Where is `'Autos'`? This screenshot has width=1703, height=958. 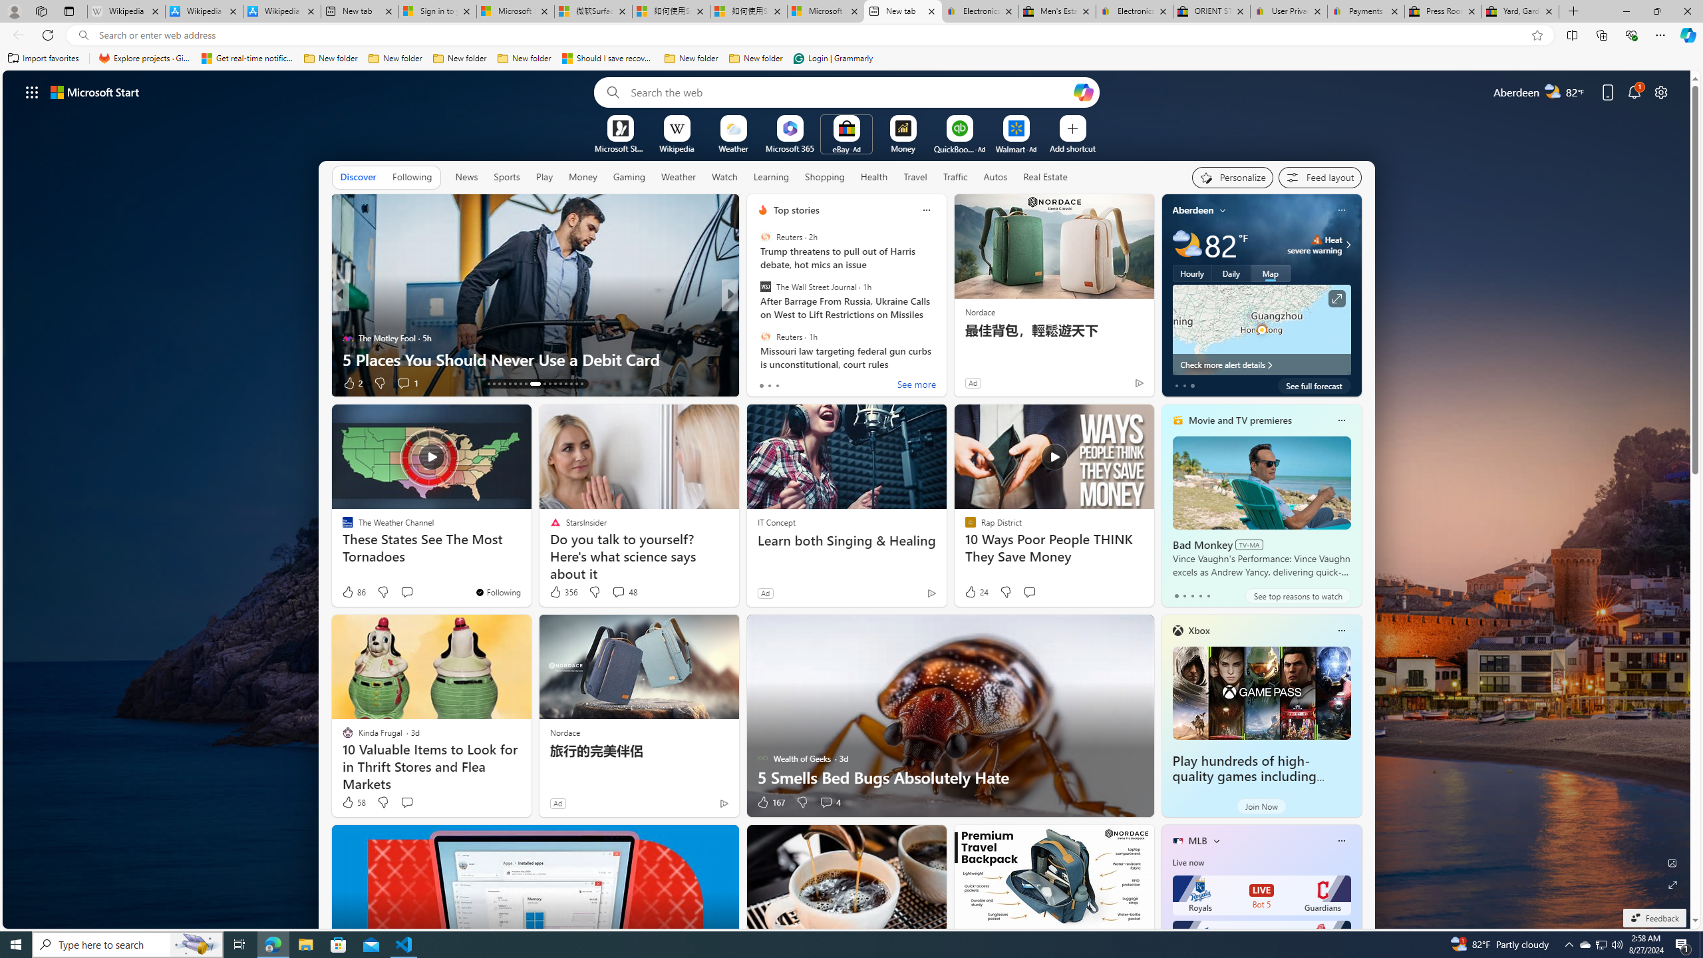 'Autos' is located at coordinates (995, 176).